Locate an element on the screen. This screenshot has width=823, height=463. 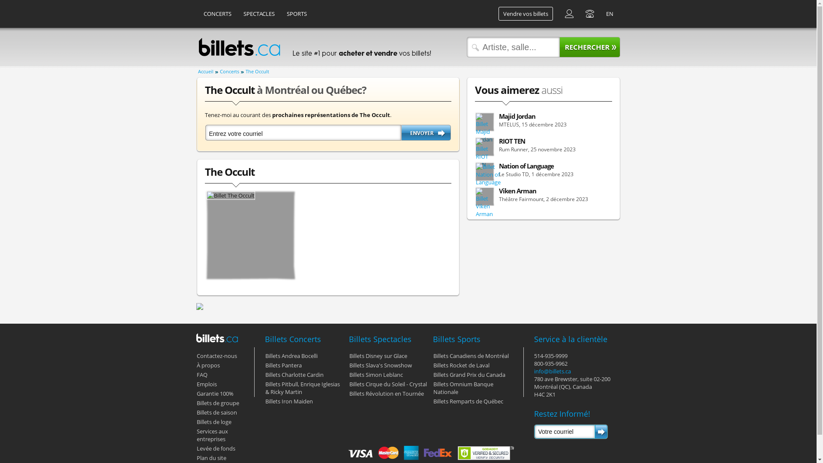
'Accueil' is located at coordinates (208, 72).